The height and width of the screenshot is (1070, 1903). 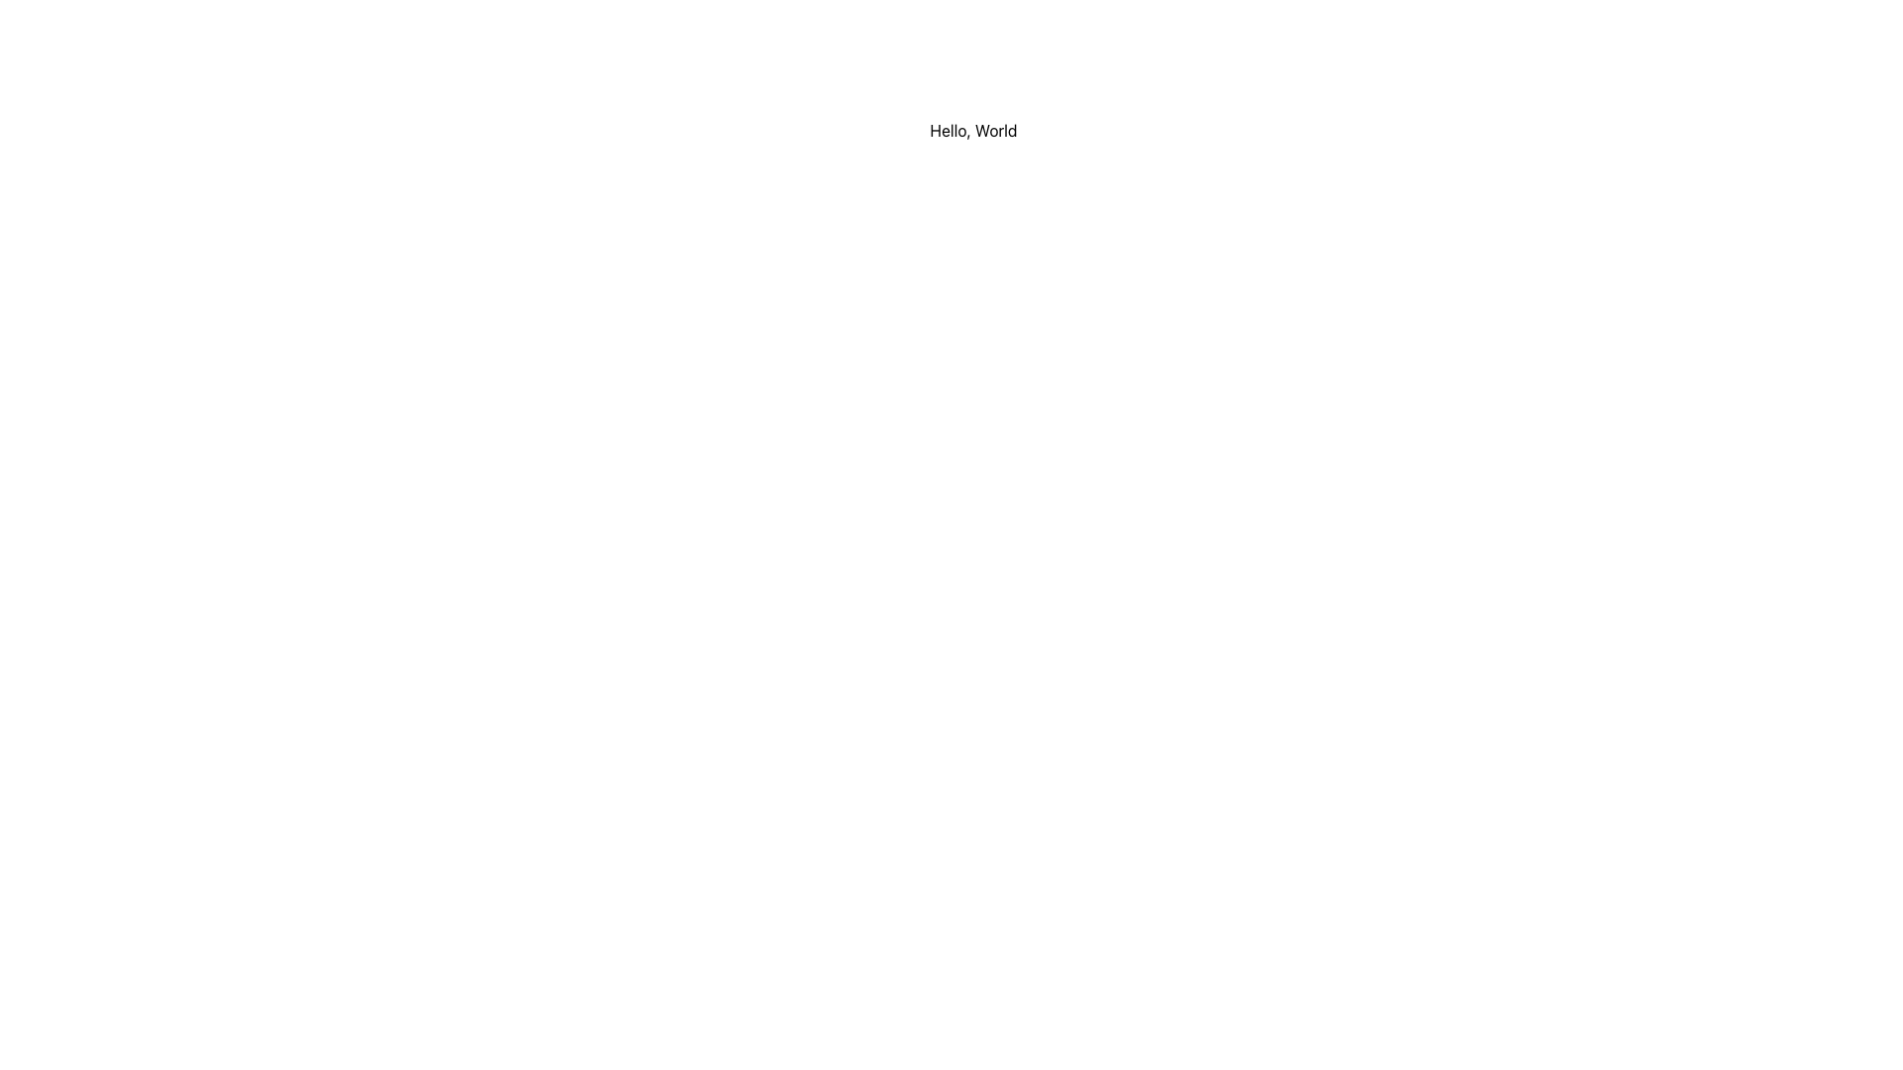 What do you see at coordinates (973, 130) in the screenshot?
I see `text from the Text Label element displaying 'Hello, World', which is centrally positioned within its area` at bounding box center [973, 130].